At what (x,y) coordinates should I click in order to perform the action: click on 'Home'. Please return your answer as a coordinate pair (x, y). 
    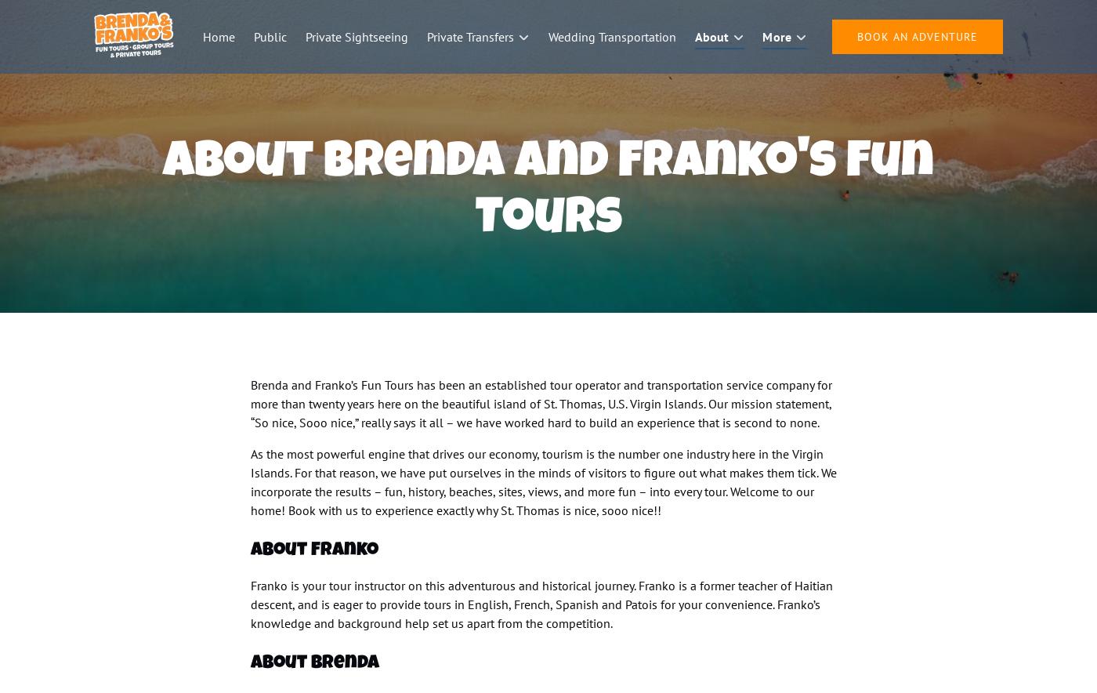
    Looking at the image, I should click on (202, 36).